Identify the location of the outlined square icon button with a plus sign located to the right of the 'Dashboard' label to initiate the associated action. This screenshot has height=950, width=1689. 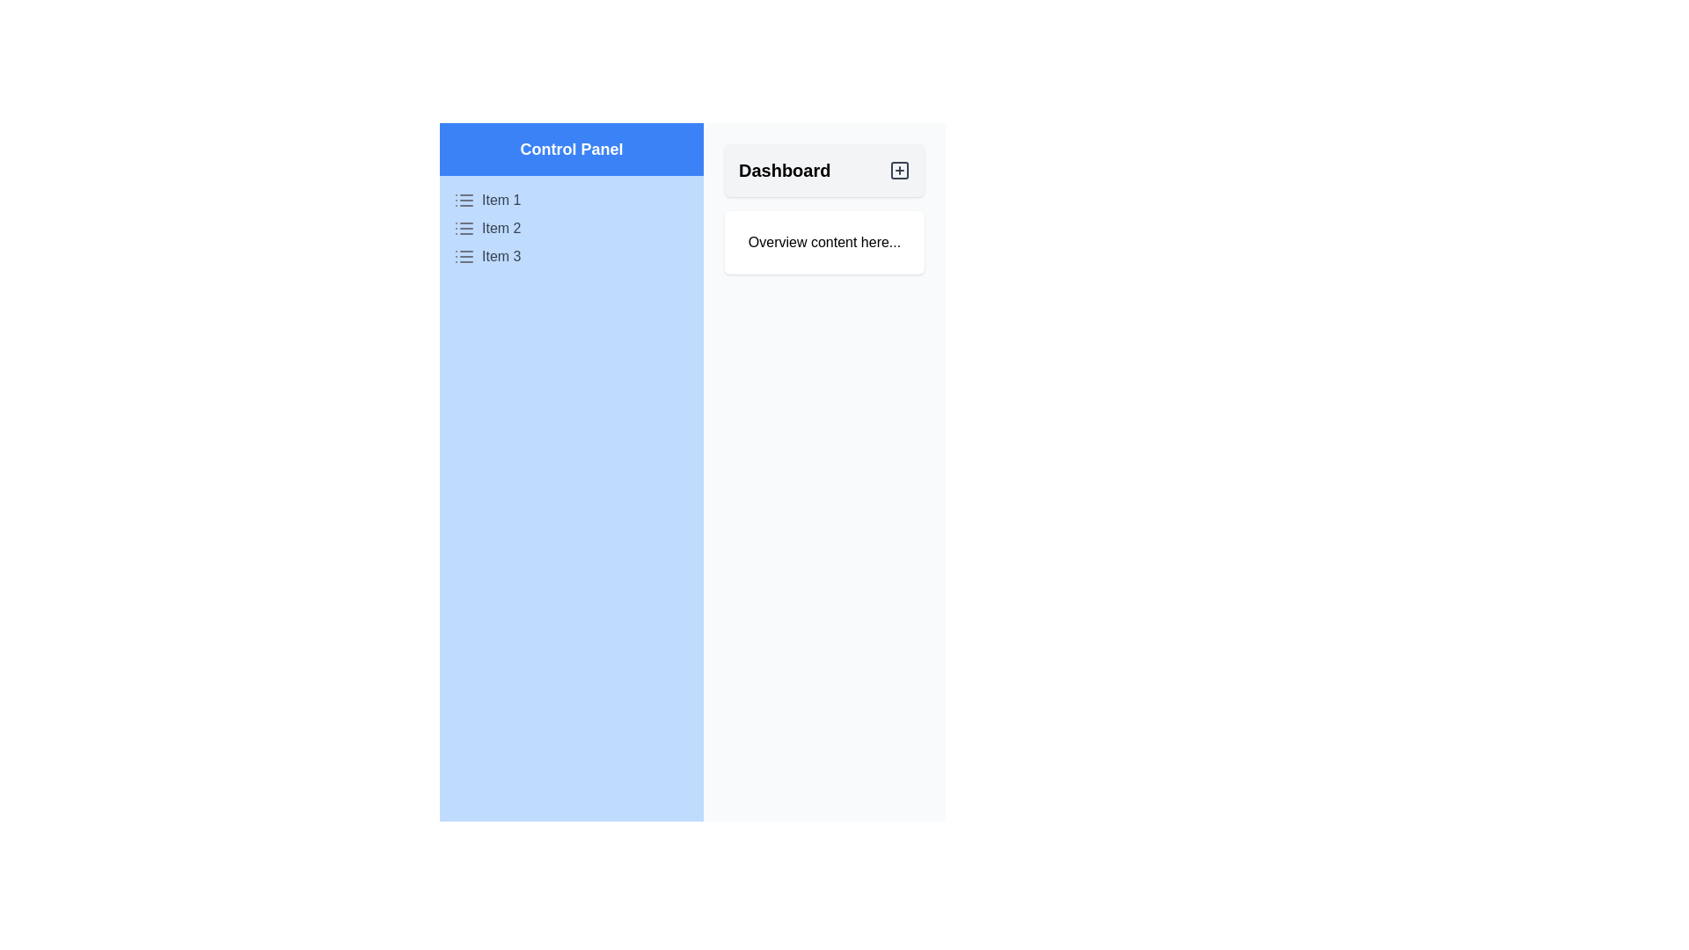
(899, 170).